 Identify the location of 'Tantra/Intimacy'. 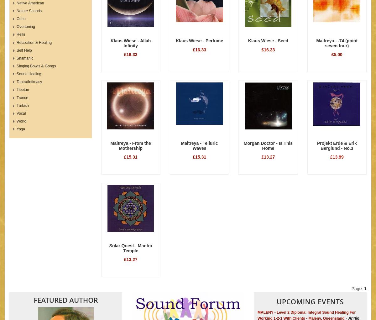
(29, 81).